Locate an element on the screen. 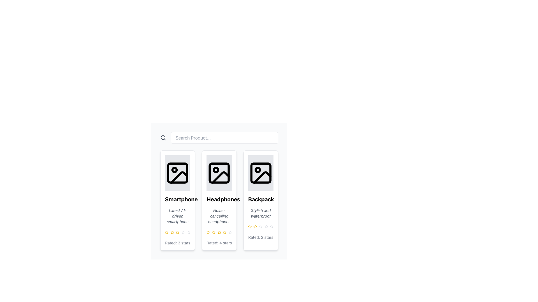 Image resolution: width=538 pixels, height=302 pixels. the yellow star icon button representing the third rating option for the product 'Smartphone' is located at coordinates (172, 232).